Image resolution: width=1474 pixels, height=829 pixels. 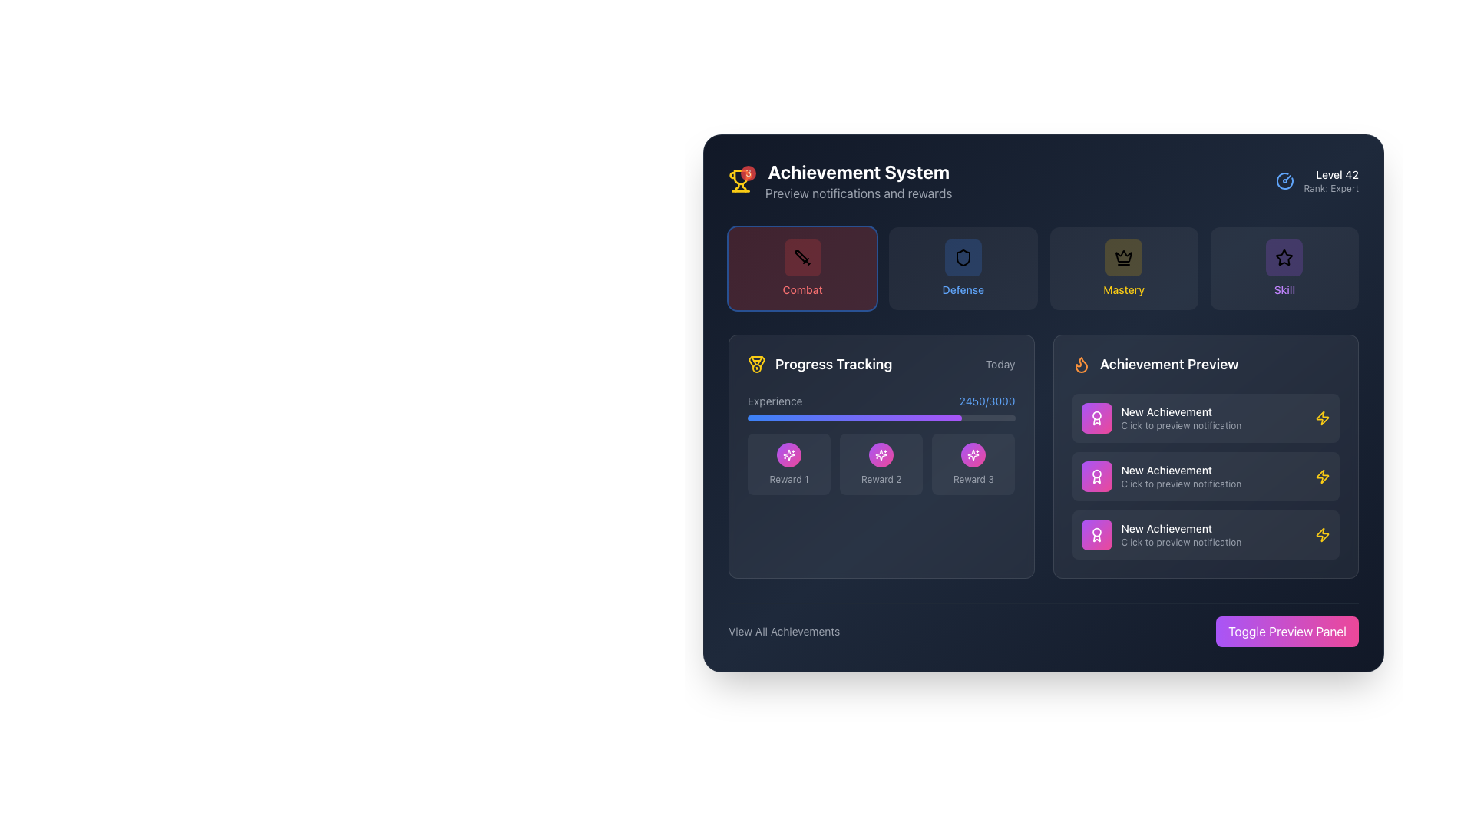 What do you see at coordinates (1212, 418) in the screenshot?
I see `the text label that informs the user about a new achievement in the 'Achievement Preview' list located in the right-side panel` at bounding box center [1212, 418].